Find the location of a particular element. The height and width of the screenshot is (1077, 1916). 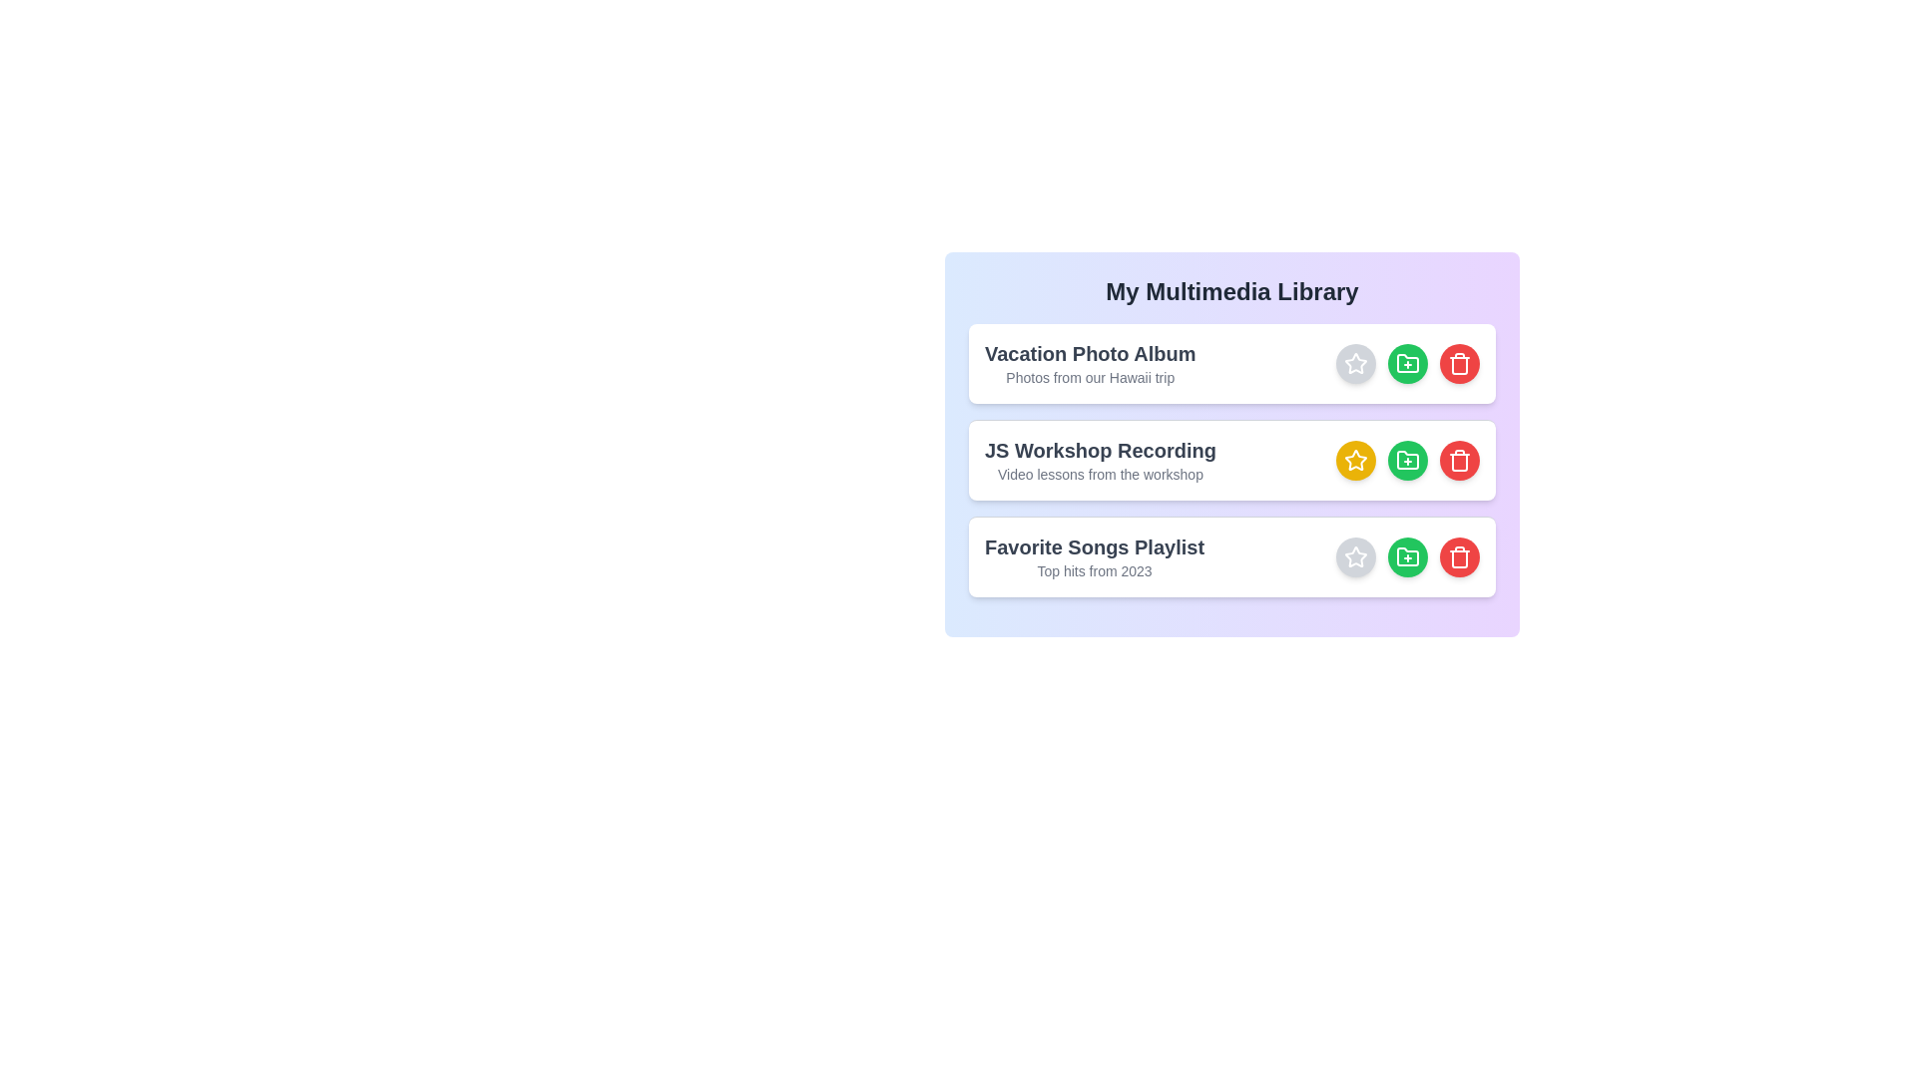

the deletion button with a trash icon located in the 'Favorite Songs Playlist' row is located at coordinates (1460, 461).